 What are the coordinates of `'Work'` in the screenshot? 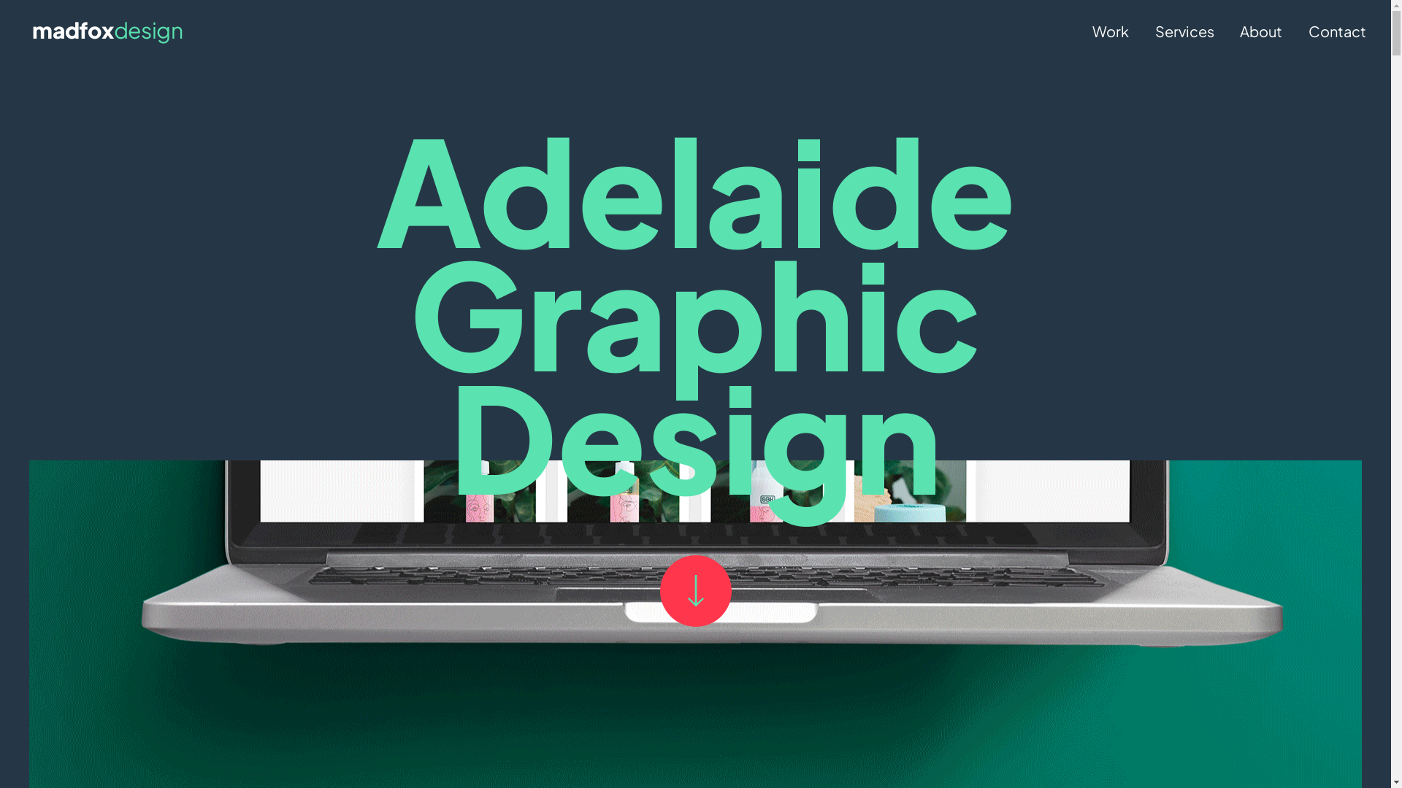 It's located at (1110, 31).